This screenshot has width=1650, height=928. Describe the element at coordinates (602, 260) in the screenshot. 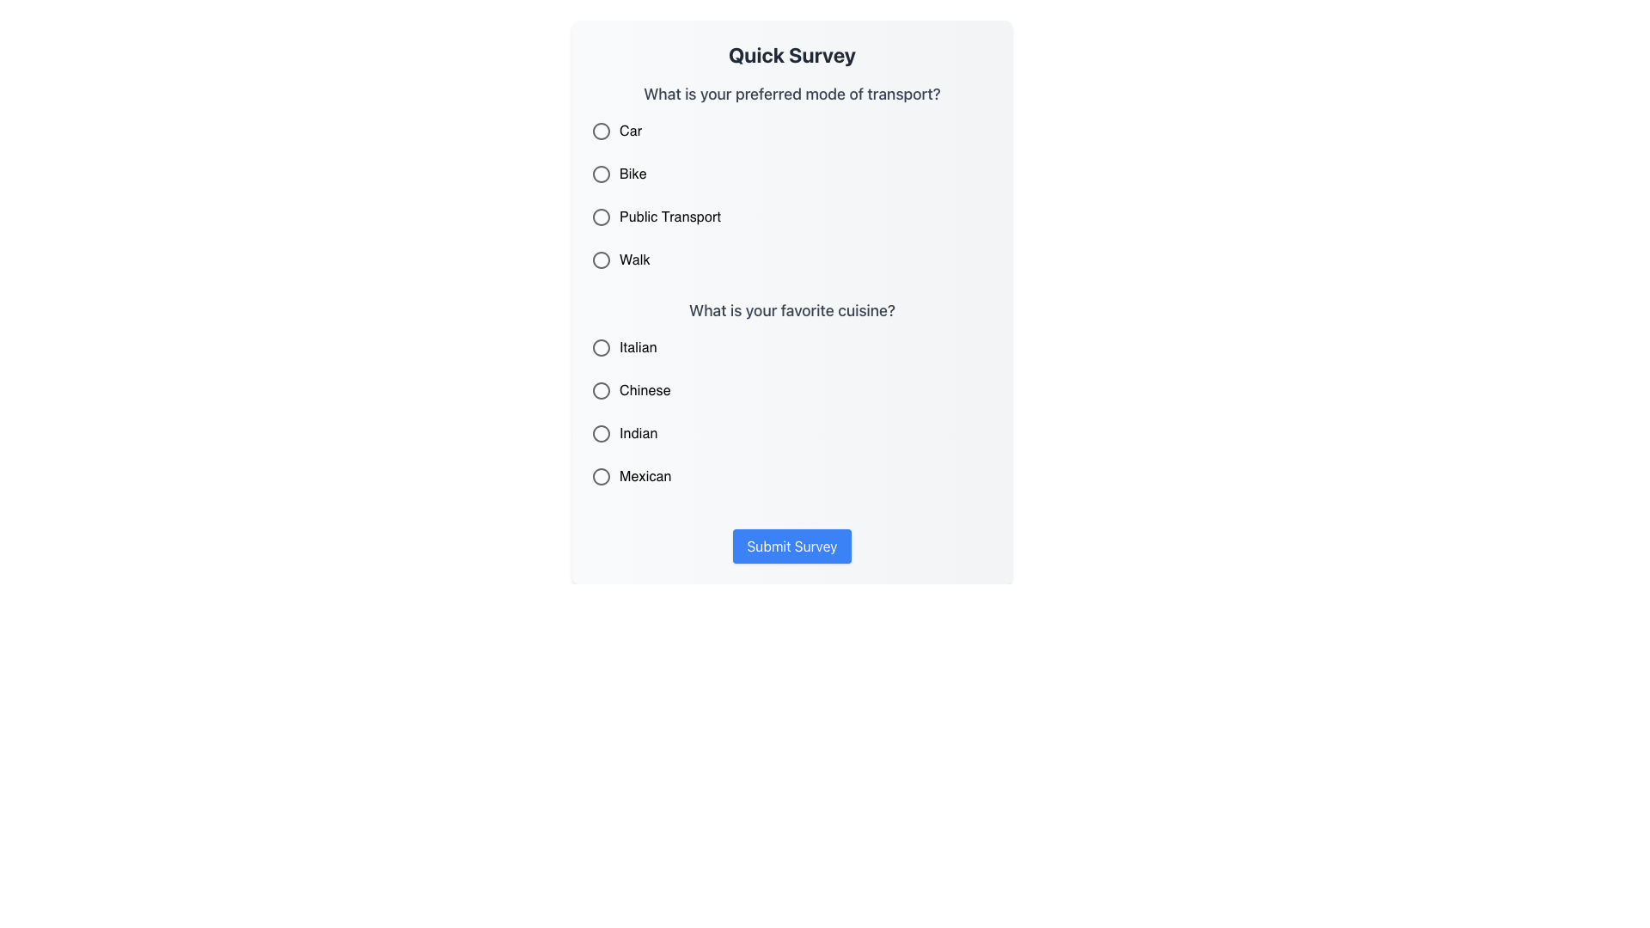

I see `the 'Walk' radio button in the survey` at that location.